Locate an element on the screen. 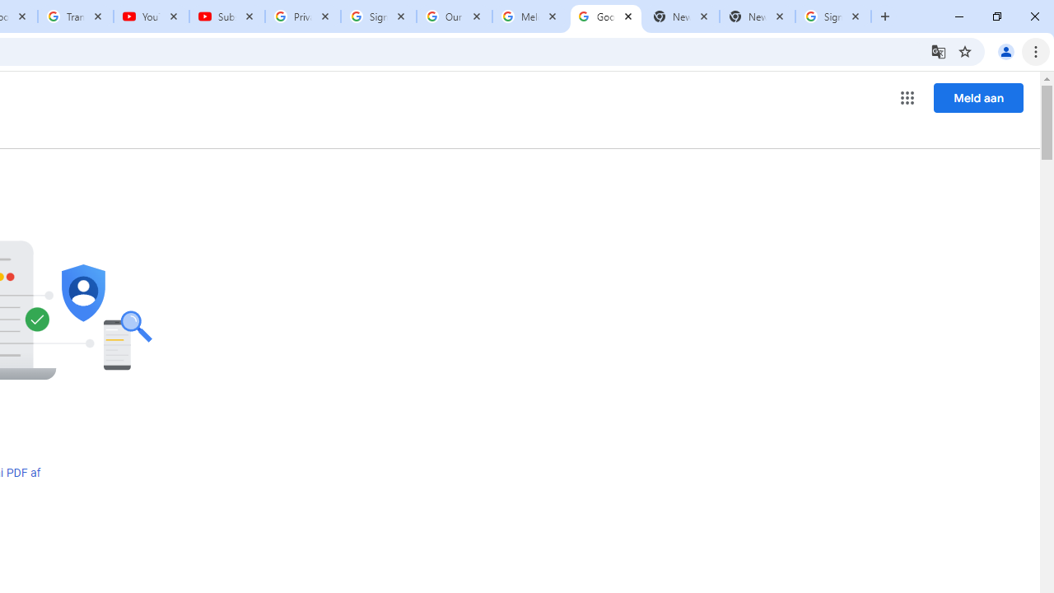 The image size is (1054, 593). 'New Tab' is located at coordinates (757, 16).